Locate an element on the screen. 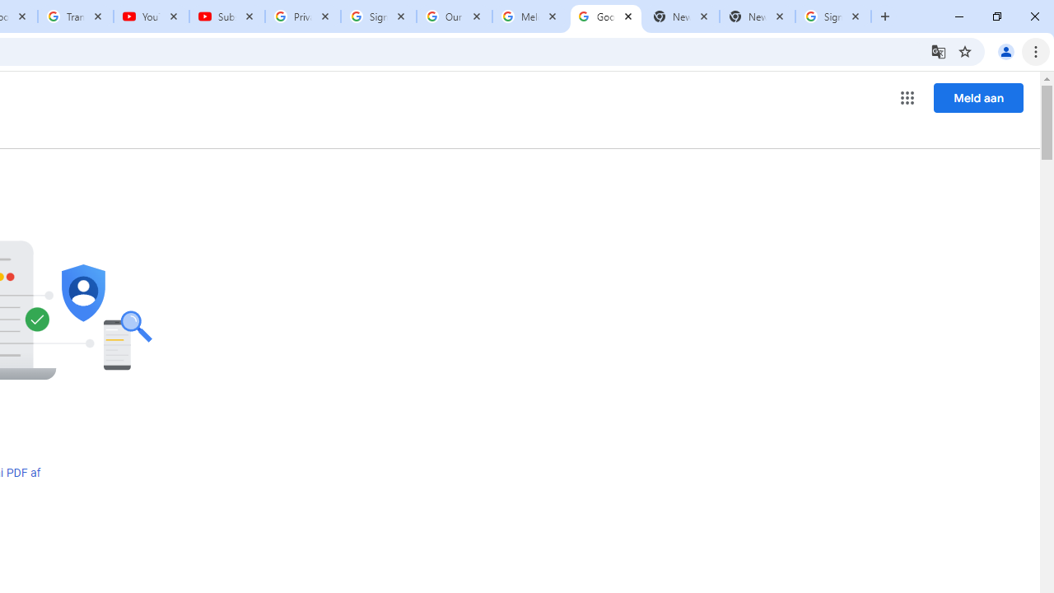 The image size is (1054, 593). 'New Tab' is located at coordinates (757, 16).